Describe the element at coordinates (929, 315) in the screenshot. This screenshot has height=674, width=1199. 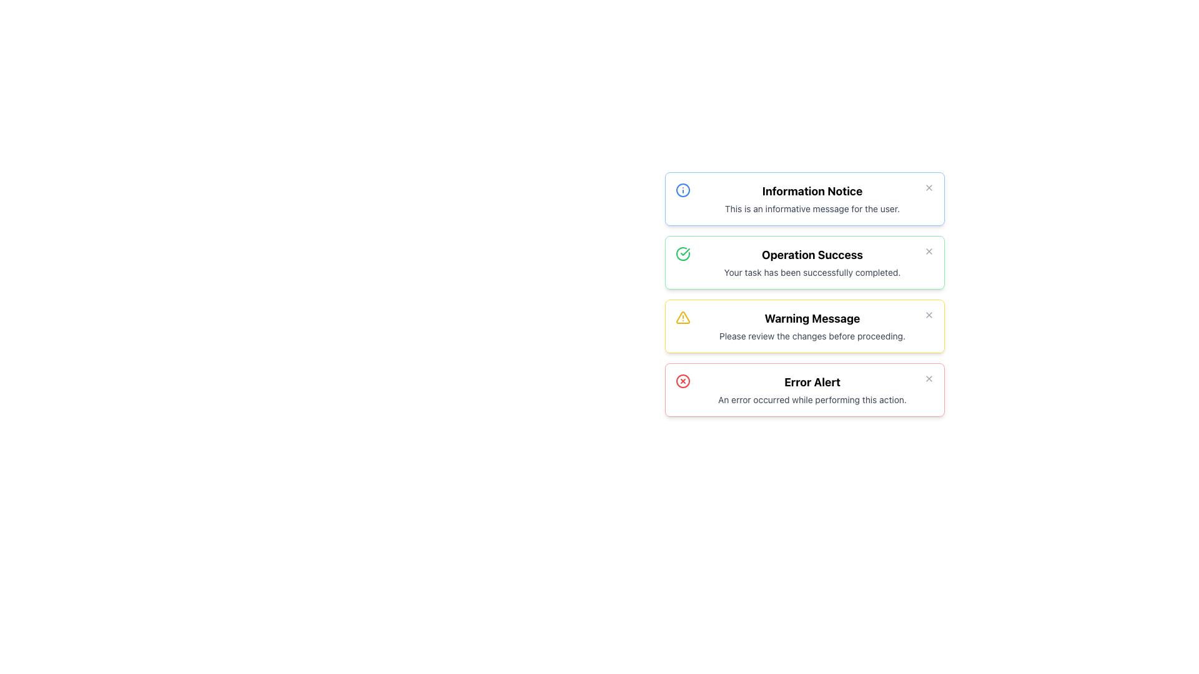
I see `the 'Close' button located on the far-right of the 'Warning Message' box` at that location.